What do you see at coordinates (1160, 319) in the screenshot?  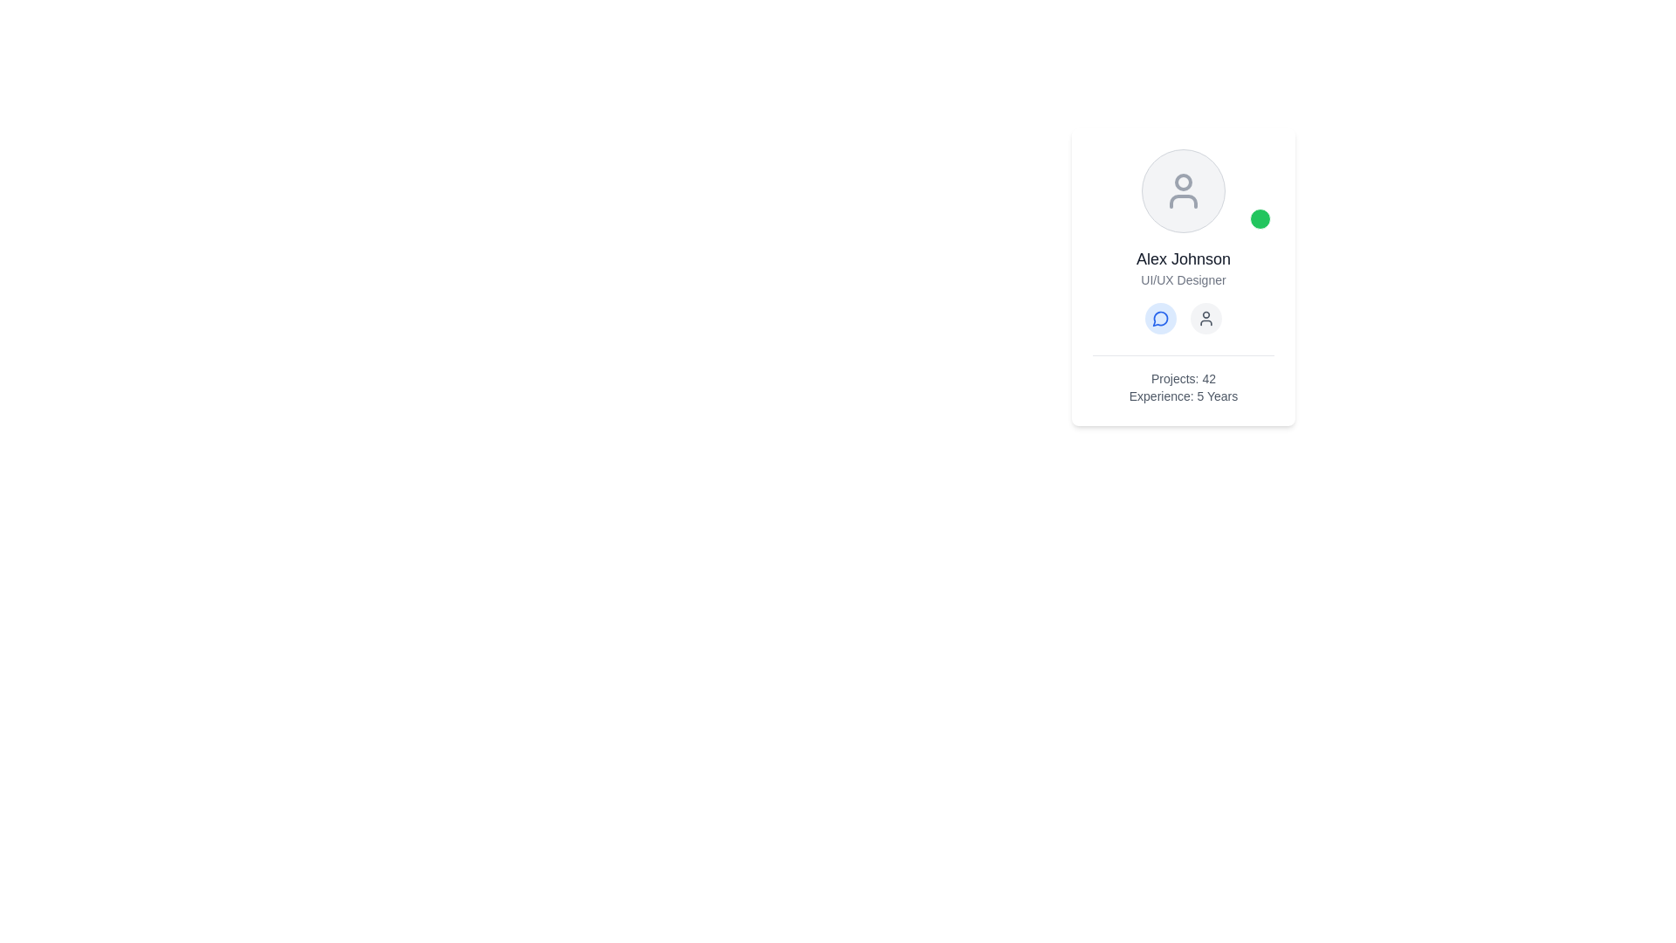 I see `the circular light blue button with a chat bubble icon to interact` at bounding box center [1160, 319].